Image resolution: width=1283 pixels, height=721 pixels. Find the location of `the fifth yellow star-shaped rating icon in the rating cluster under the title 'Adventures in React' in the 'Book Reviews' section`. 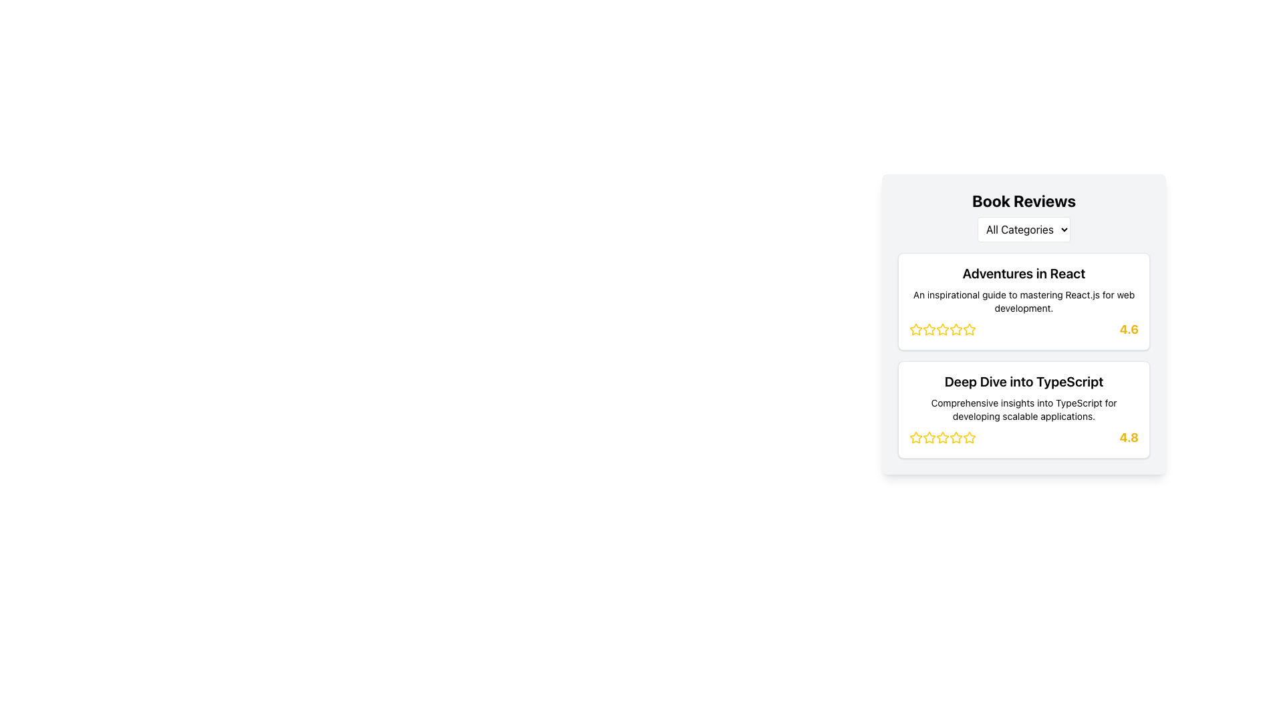

the fifth yellow star-shaped rating icon in the rating cluster under the title 'Adventures in React' in the 'Book Reviews' section is located at coordinates (955, 329).